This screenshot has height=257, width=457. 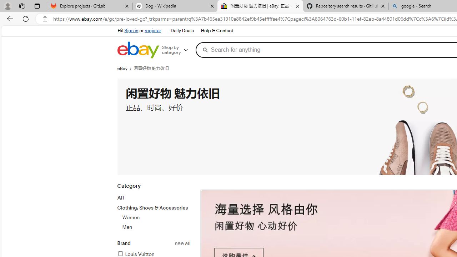 I want to click on 'eBay', so click(x=125, y=68).